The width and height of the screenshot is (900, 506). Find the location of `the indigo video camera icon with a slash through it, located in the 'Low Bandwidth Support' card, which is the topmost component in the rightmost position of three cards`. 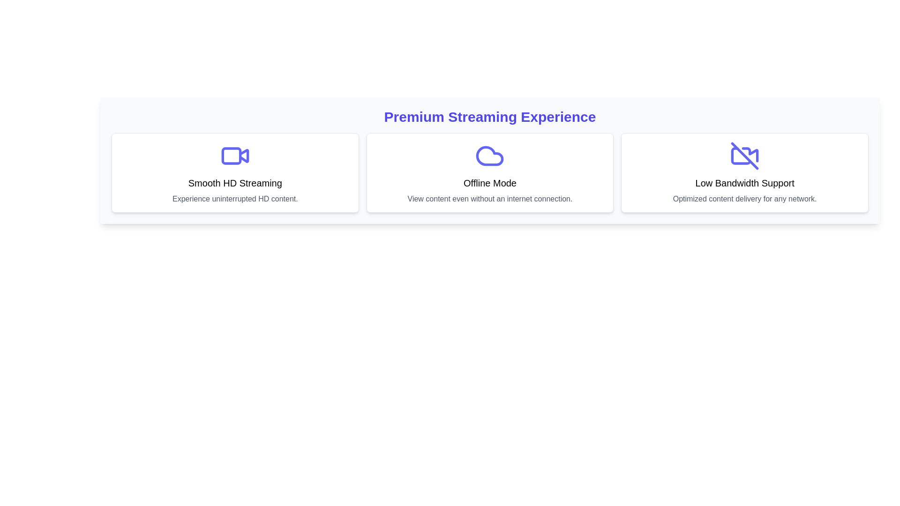

the indigo video camera icon with a slash through it, located in the 'Low Bandwidth Support' card, which is the topmost component in the rightmost position of three cards is located at coordinates (744, 155).